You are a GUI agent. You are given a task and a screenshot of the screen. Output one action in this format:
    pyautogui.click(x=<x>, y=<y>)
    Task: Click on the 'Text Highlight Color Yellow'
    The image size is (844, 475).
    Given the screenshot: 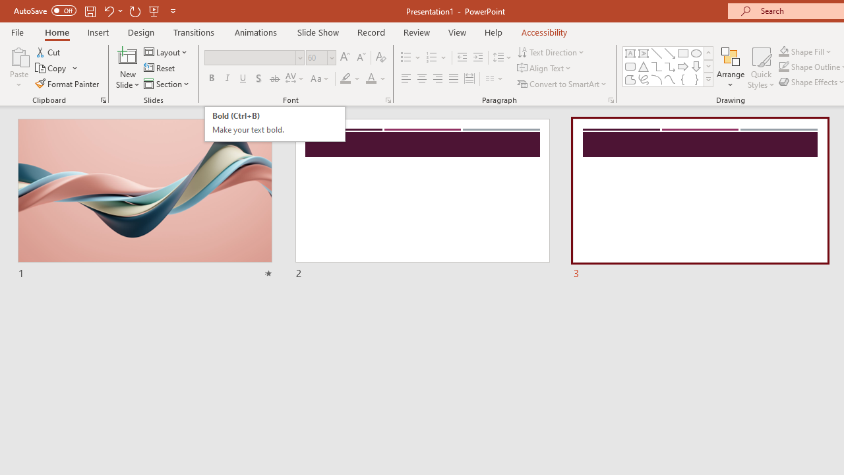 What is the action you would take?
    pyautogui.click(x=346, y=79)
    